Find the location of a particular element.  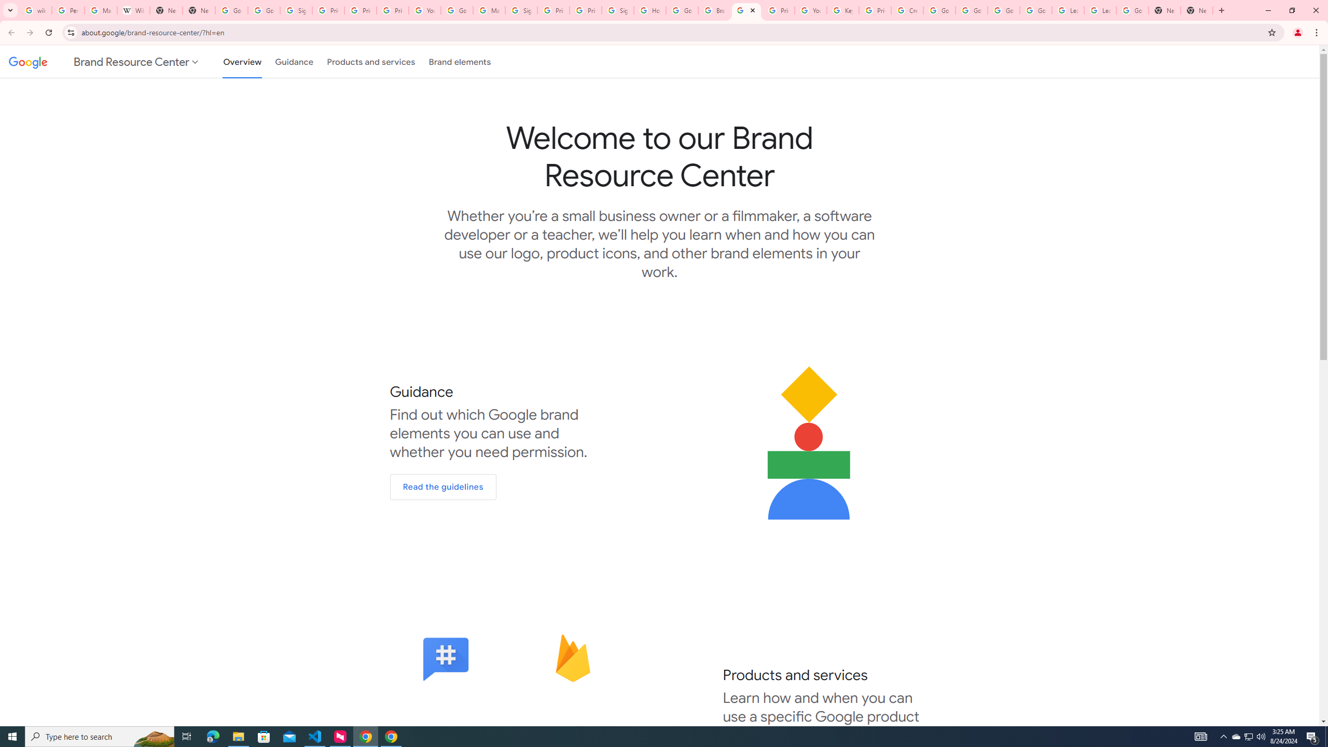

'Google Account Help' is located at coordinates (939, 10).